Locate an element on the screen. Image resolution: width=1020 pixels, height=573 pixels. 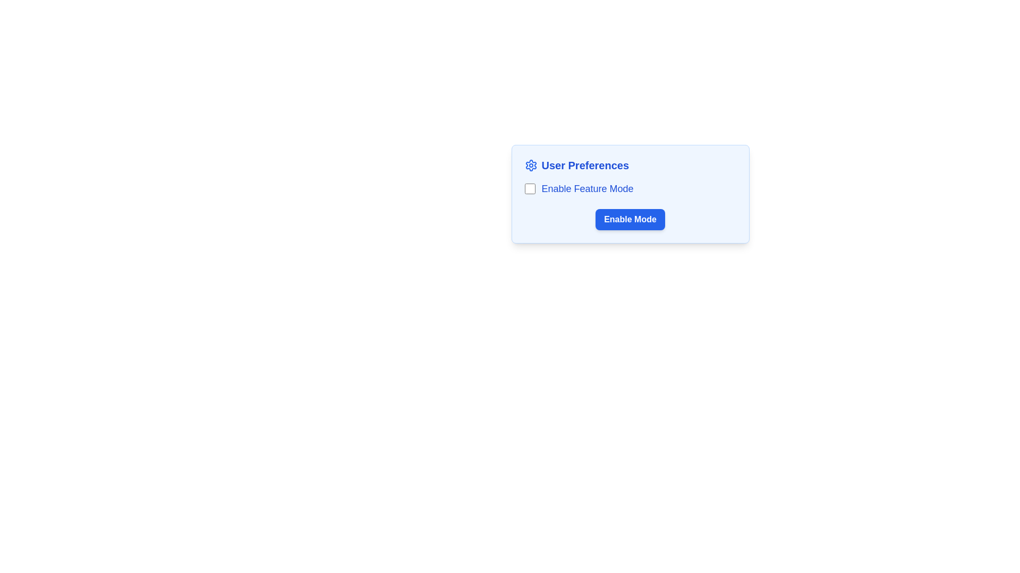
the button labeled 'Enable Mode' with a bold blue background is located at coordinates (630, 219).